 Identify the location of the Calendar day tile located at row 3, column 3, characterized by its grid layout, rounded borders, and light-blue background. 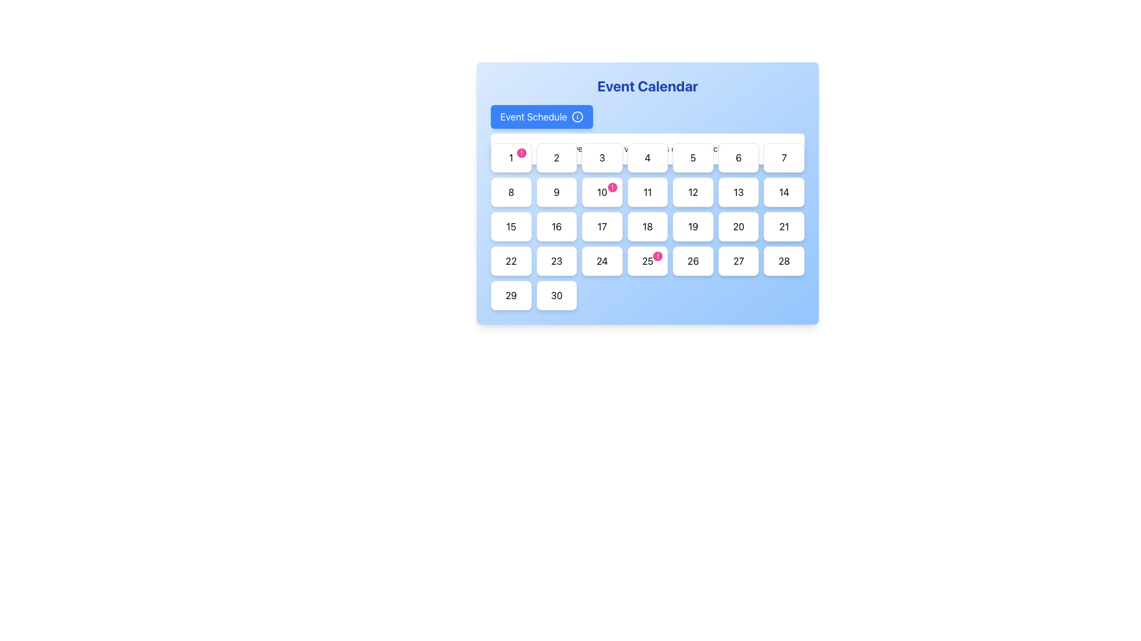
(647, 226).